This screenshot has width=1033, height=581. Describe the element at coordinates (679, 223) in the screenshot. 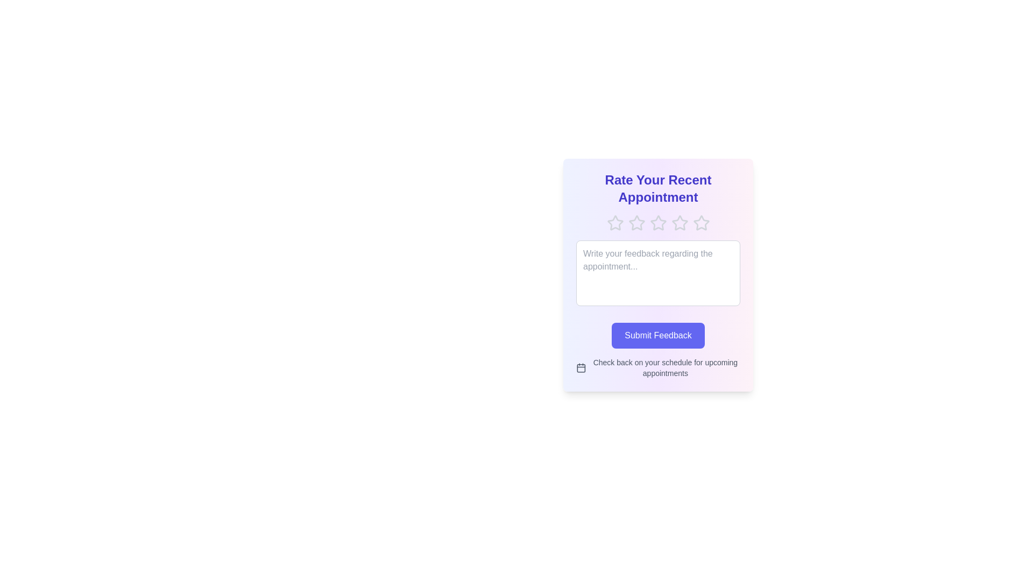

I see `the rating to 4 stars by clicking on the corresponding star` at that location.